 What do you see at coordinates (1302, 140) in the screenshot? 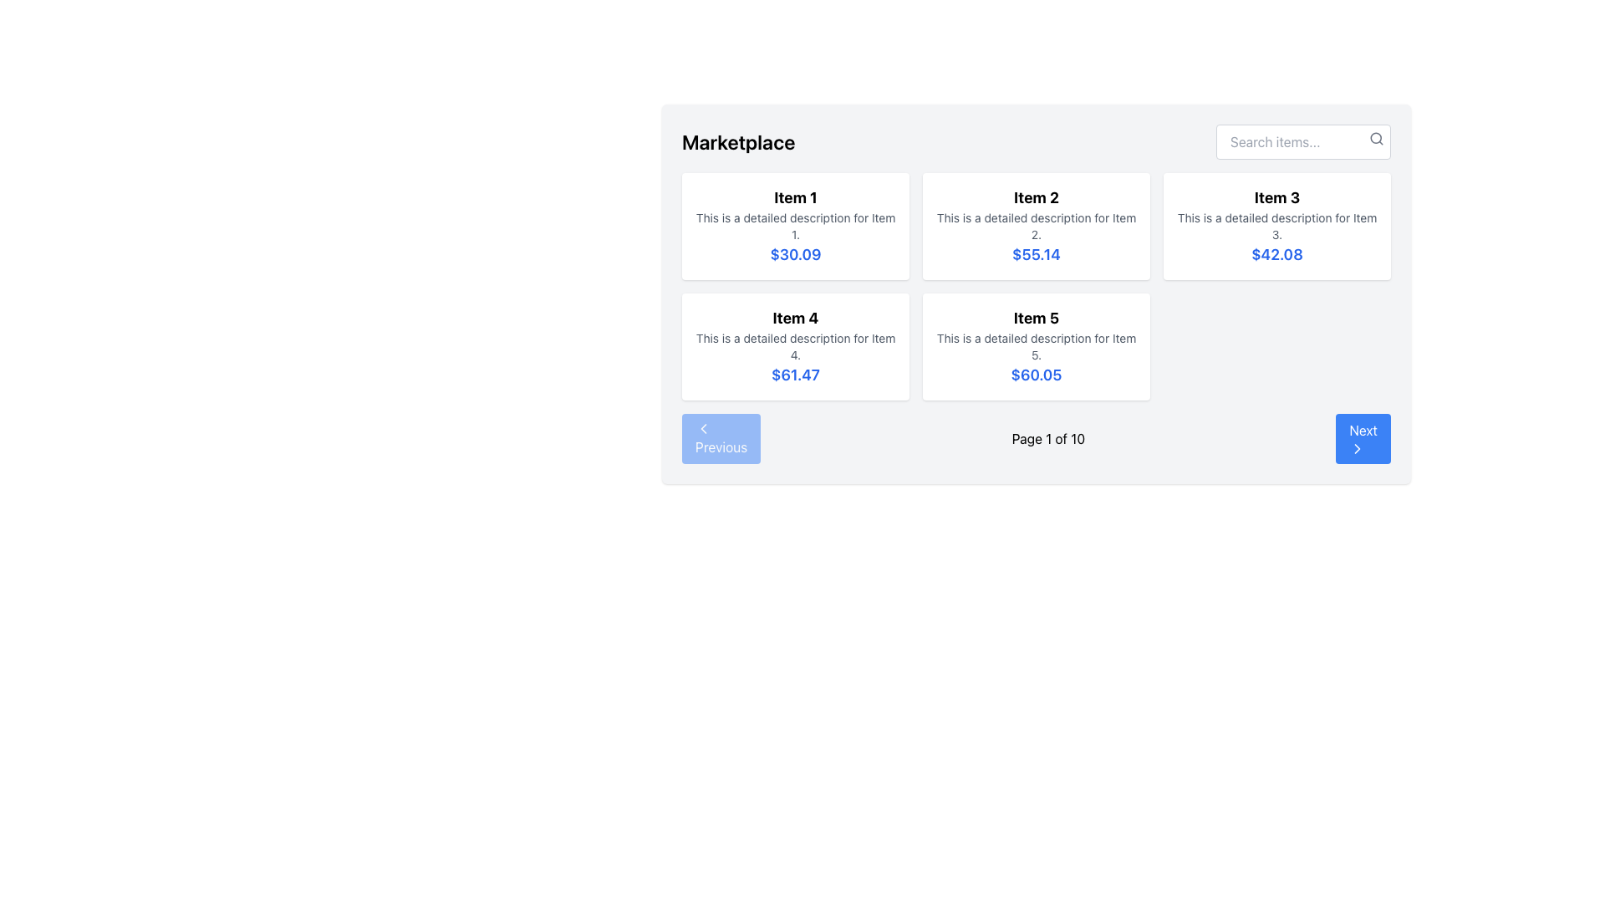
I see `the text input field located in the top-right section of the header, adjacent to the 'Marketplace' title, to focus and enable typing` at bounding box center [1302, 140].